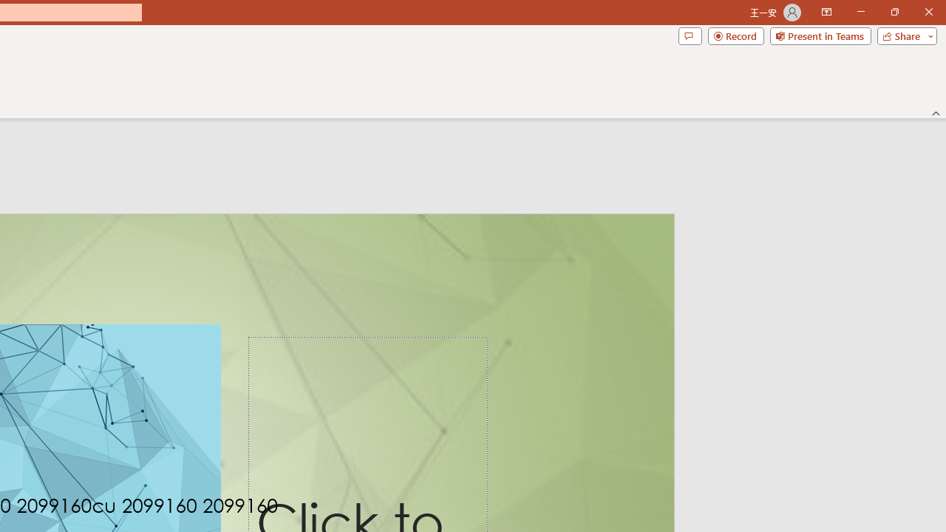 The width and height of the screenshot is (946, 532). I want to click on 'Restore Down', so click(894, 12).